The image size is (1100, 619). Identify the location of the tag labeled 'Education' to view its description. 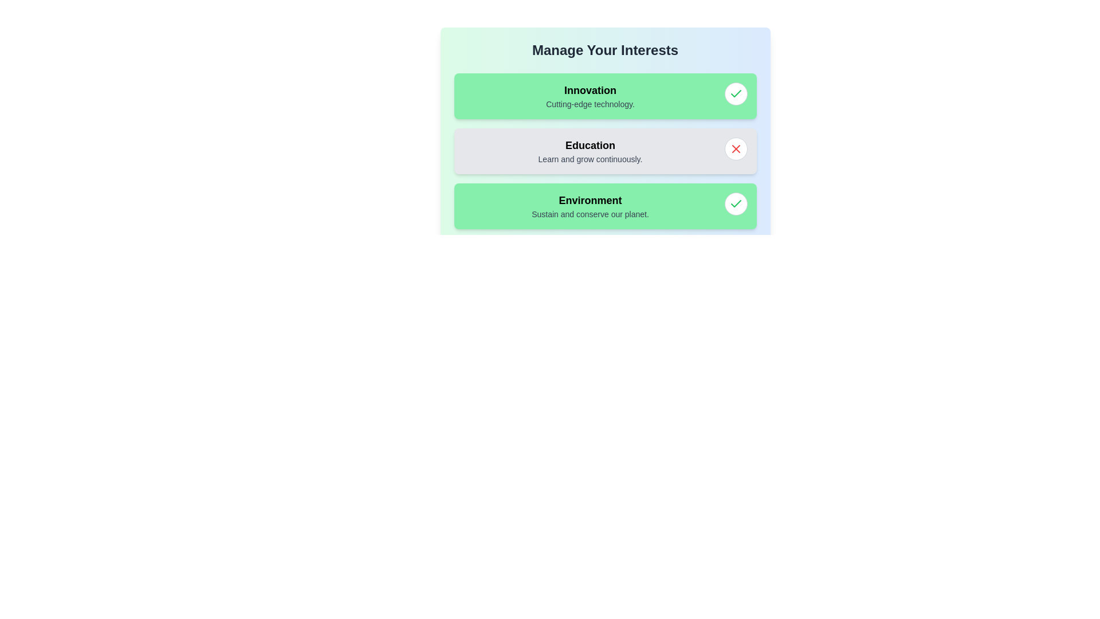
(590, 150).